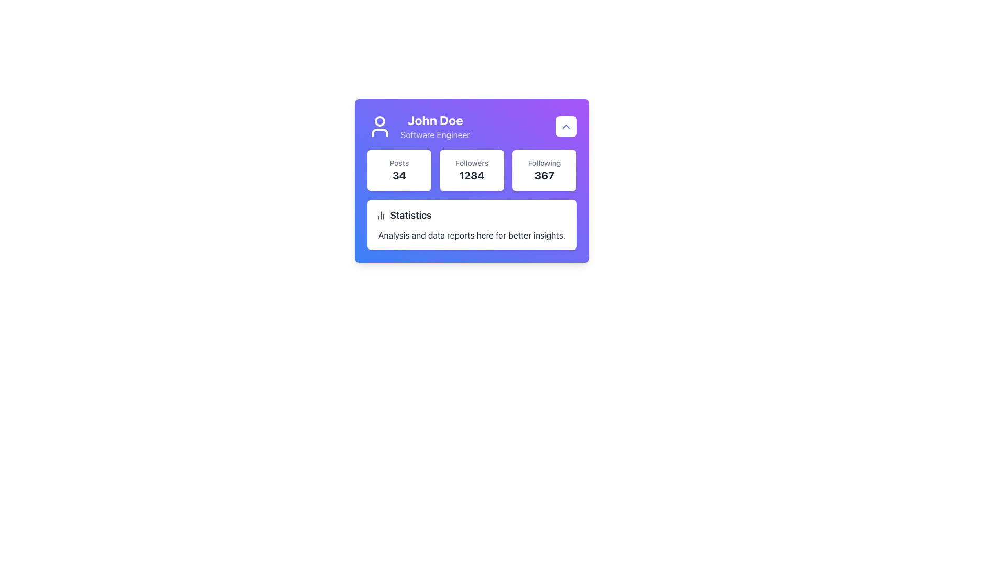  Describe the element at coordinates (544, 163) in the screenshot. I see `the 'Following' text label that is displayed in gray color above the number '367' within a card-like component in the top half of the application layout` at that location.